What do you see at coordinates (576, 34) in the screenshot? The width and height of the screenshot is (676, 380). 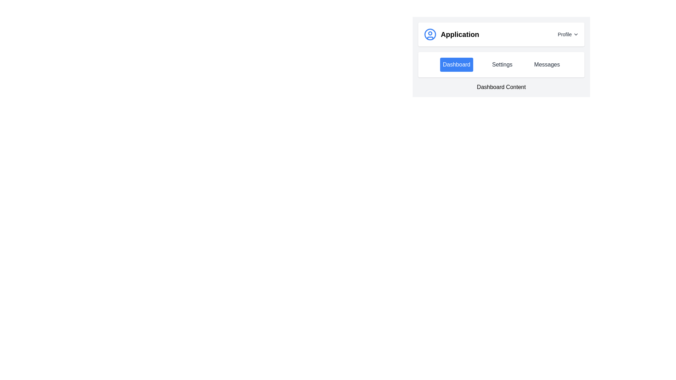 I see `the downward-pointing chevron SVG icon located to the right of the 'Profile' text in the header` at bounding box center [576, 34].